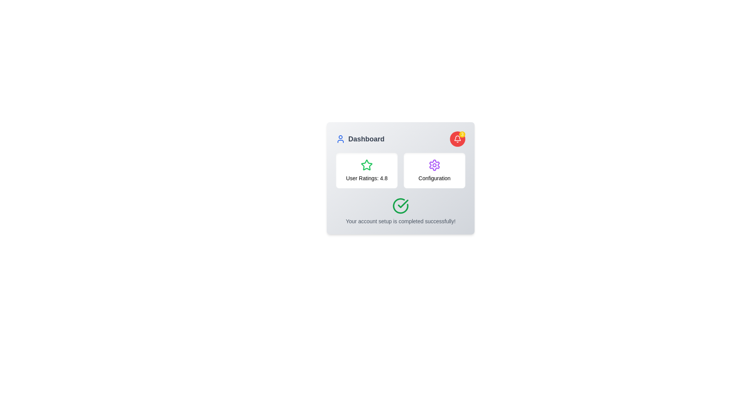 Image resolution: width=739 pixels, height=415 pixels. What do you see at coordinates (366, 178) in the screenshot?
I see `the informational static text label that displays the user rating value, located below the green star icon in a card-like section on the left side of the UI` at bounding box center [366, 178].